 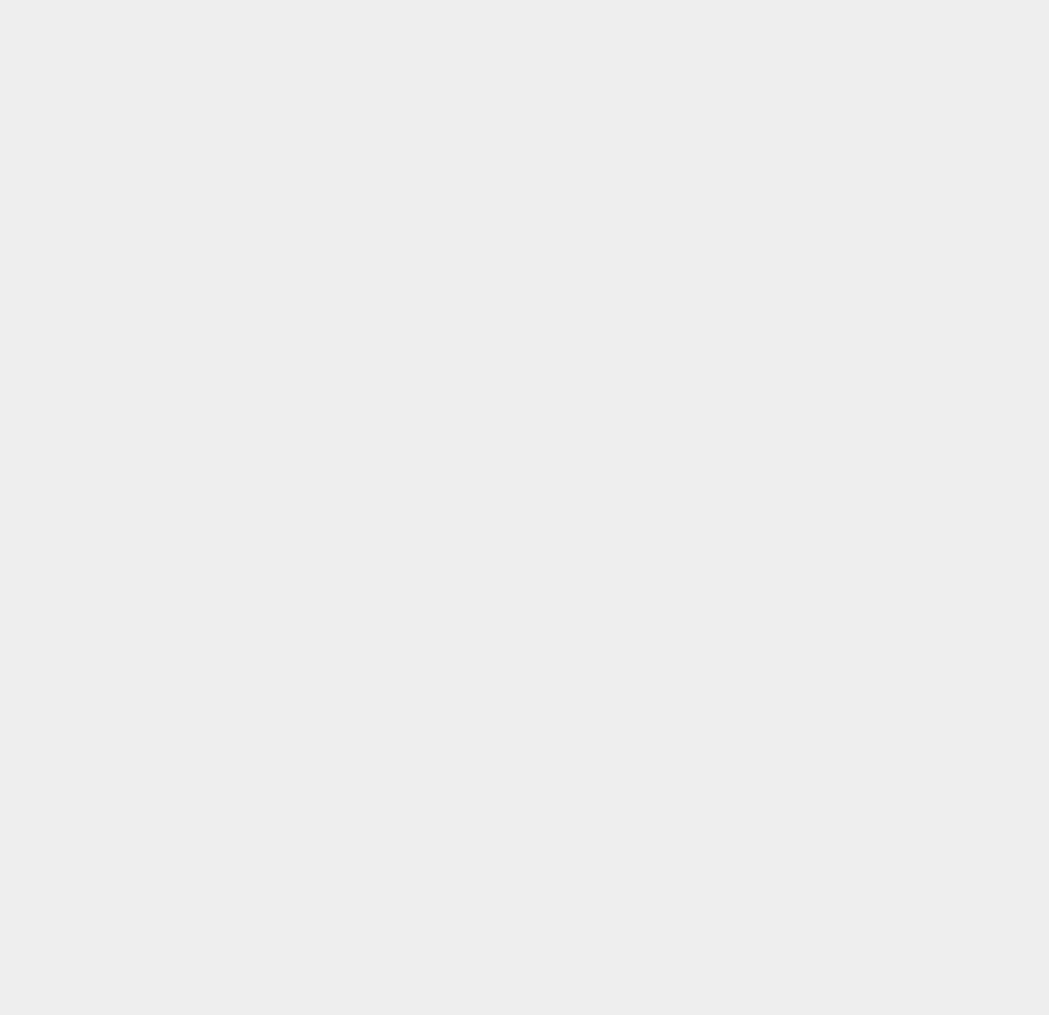 What do you see at coordinates (769, 232) in the screenshot?
I see `'Smart TV'` at bounding box center [769, 232].